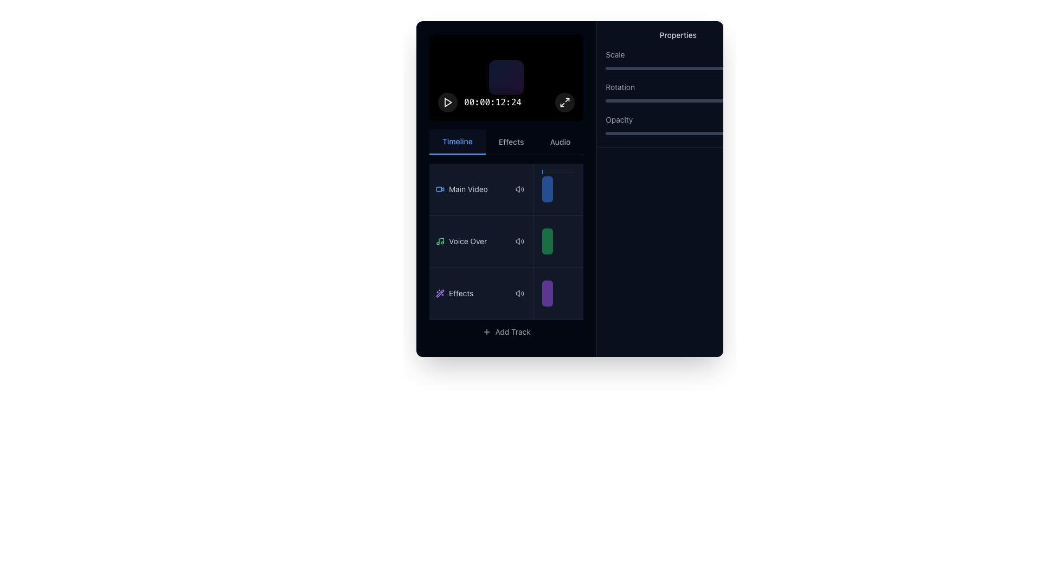 This screenshot has height=586, width=1041. I want to click on the scale slider, so click(711, 68).